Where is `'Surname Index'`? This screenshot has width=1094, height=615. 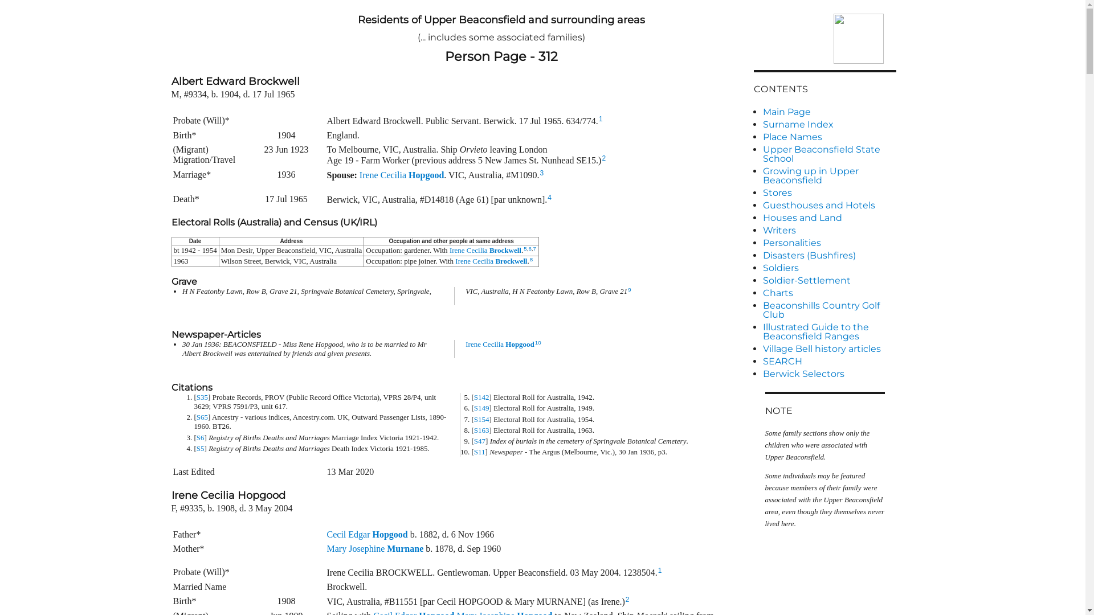 'Surname Index' is located at coordinates (828, 125).